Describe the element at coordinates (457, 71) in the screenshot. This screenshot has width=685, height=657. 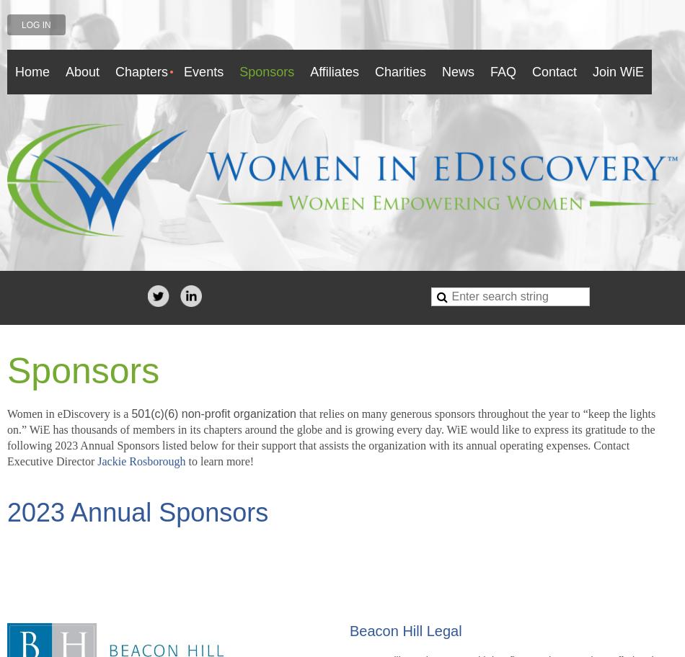
I see `'News'` at that location.